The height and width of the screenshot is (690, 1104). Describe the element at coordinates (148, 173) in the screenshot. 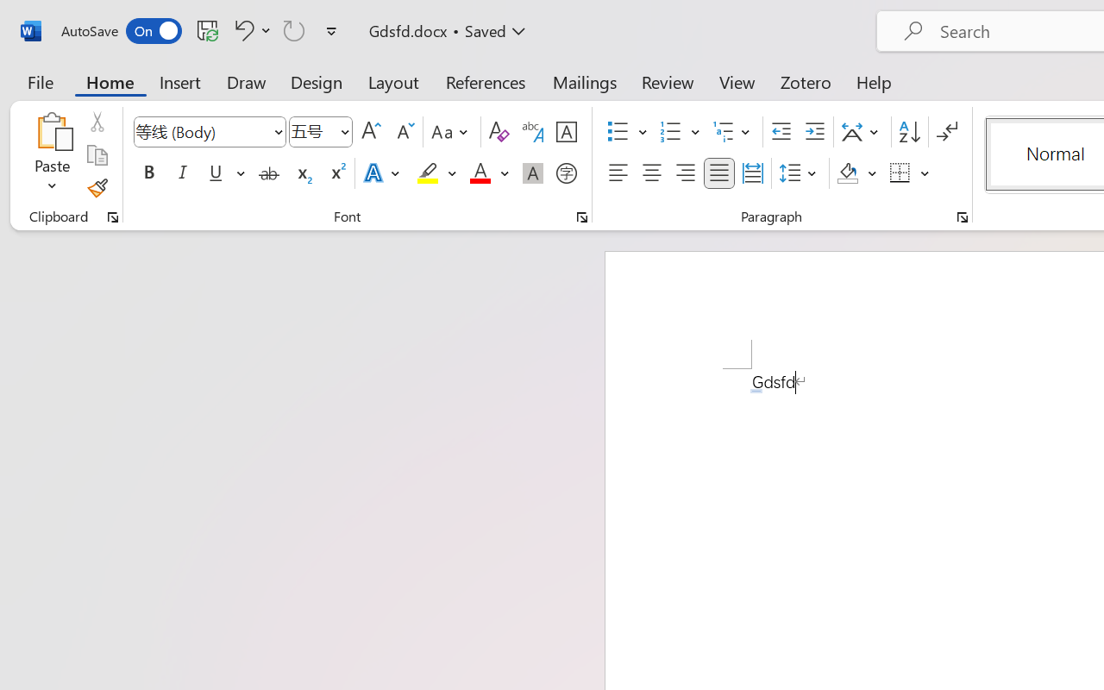

I see `'Bold'` at that location.